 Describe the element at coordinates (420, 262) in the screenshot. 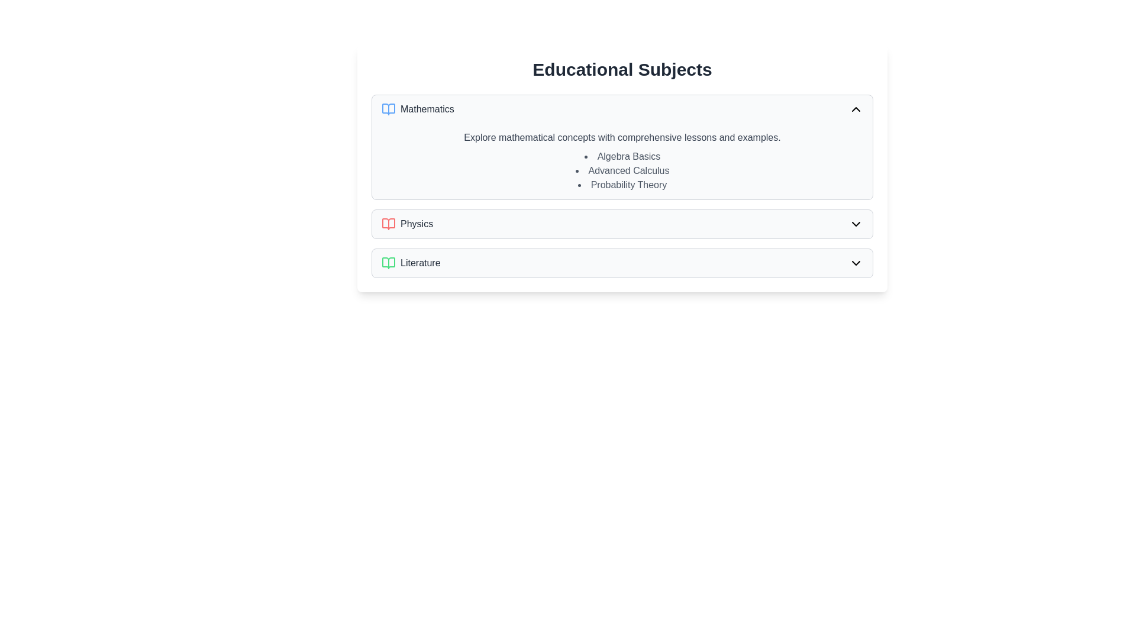

I see `text label 'Literature' which is dark gray and located beside a green book icon in the list of 'Educational Subjects'` at that location.